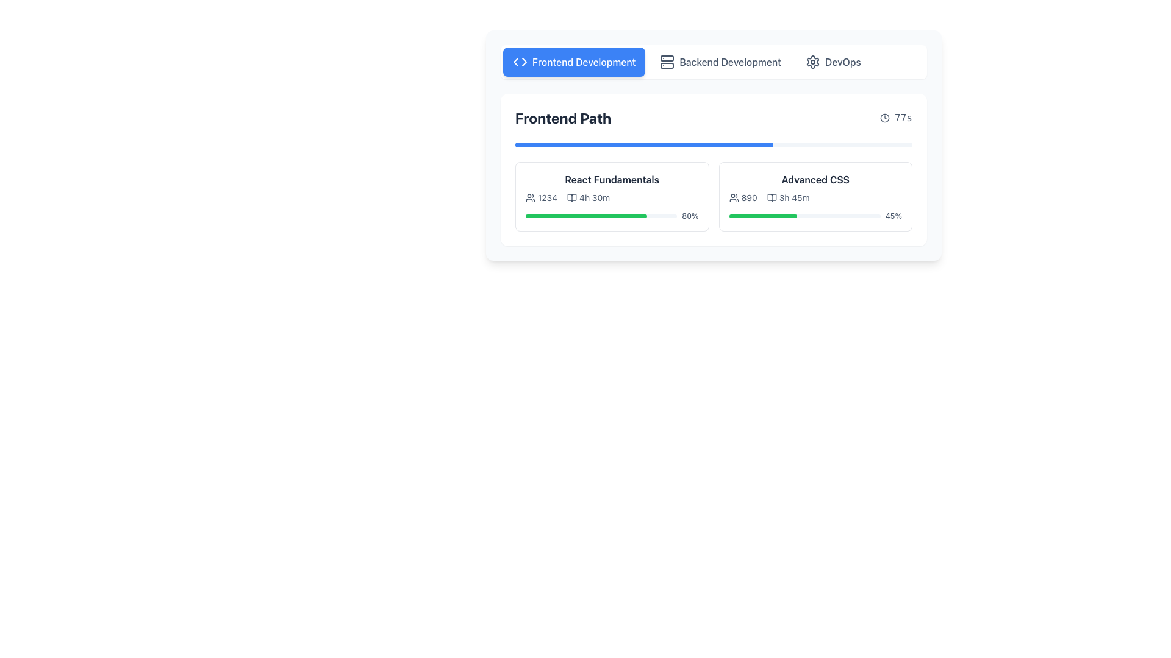 This screenshot has width=1171, height=658. Describe the element at coordinates (720, 62) in the screenshot. I see `the 'Backend Development' button, which is a rectangular button with rounded corners and a white background featuring the text label in dark slate color and an icon resembling a server rack` at that location.